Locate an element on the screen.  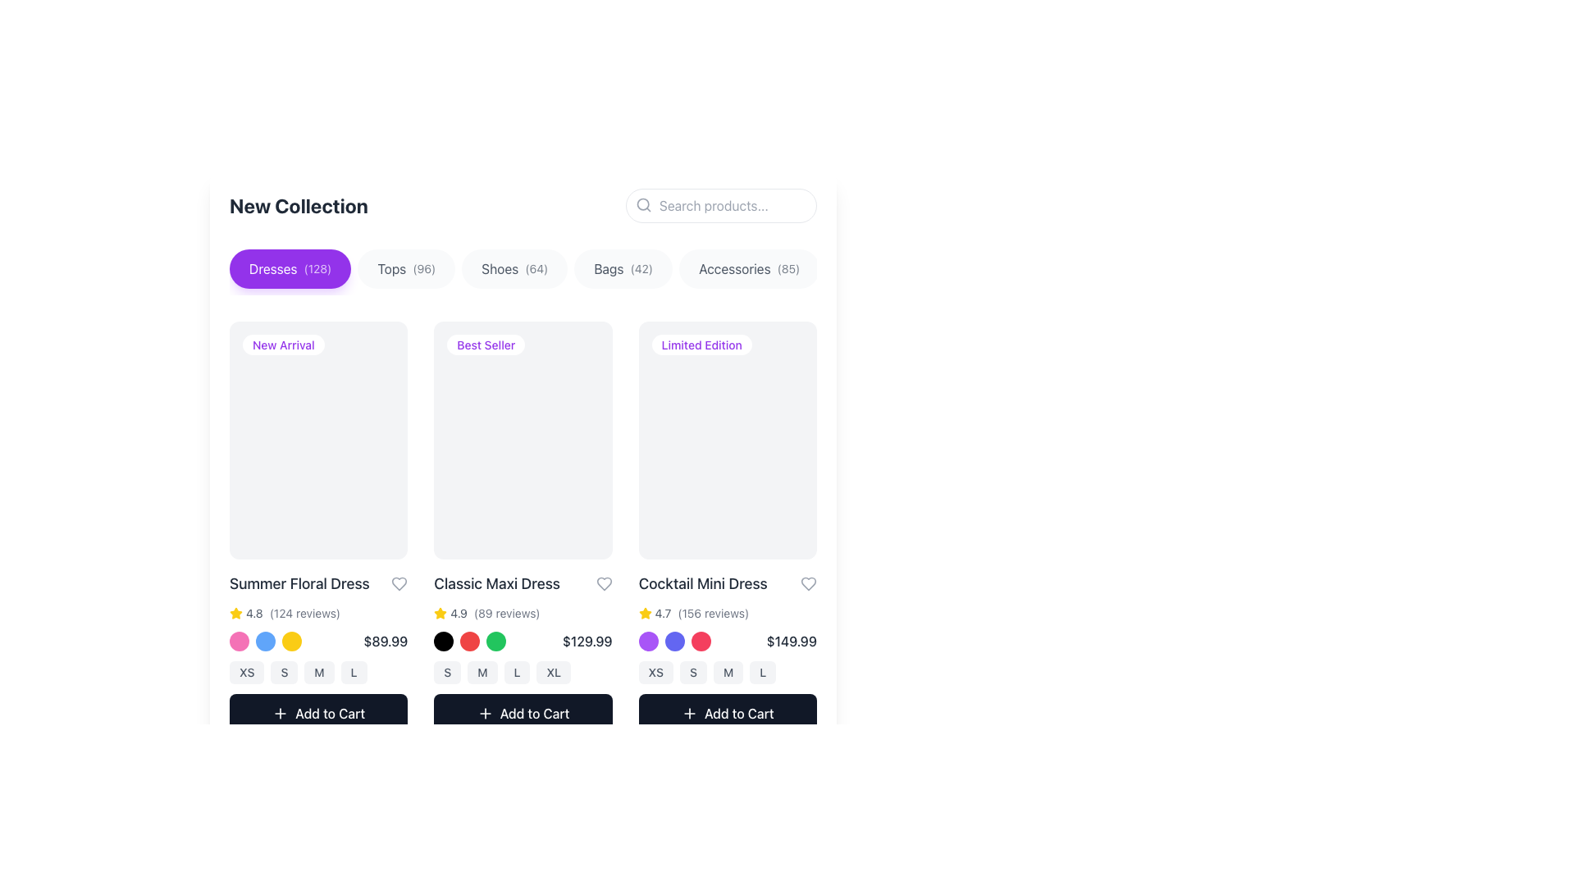
the star-shaped rating icon that is golden yellow, indicating an active rating, located in the second product section from the left, just above the price information and to the left of the '4.9 (89 reviews)' text is located at coordinates (441, 613).